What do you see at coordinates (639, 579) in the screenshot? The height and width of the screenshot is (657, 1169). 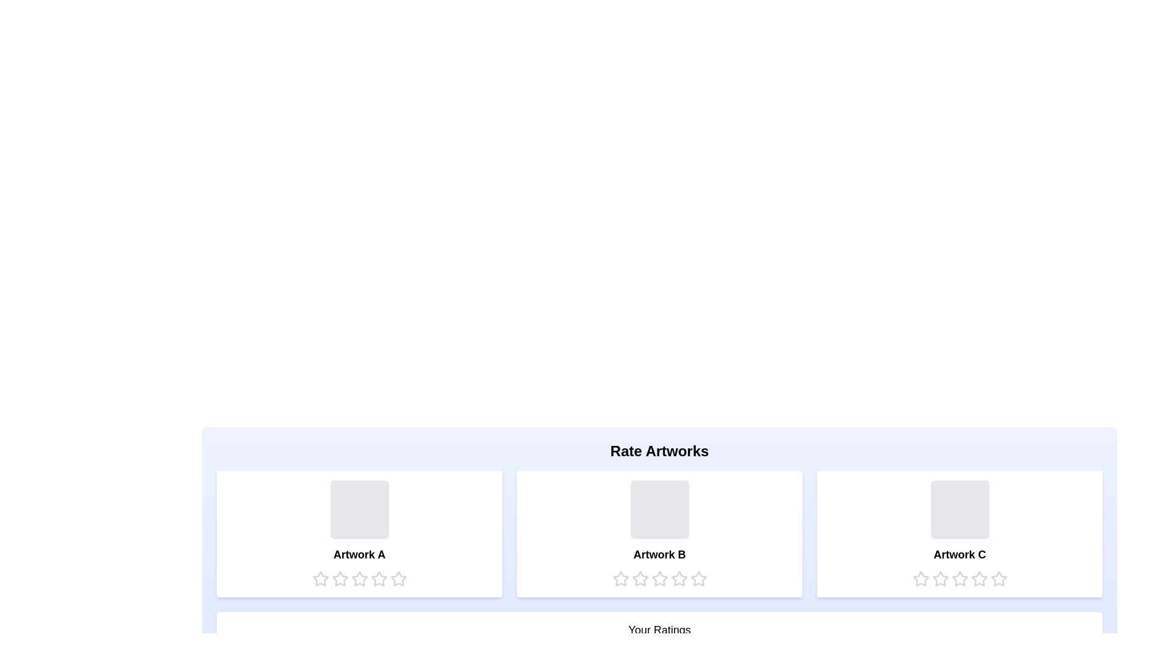 I see `the star corresponding to the rating 2 for the artwork Artwork B` at bounding box center [639, 579].